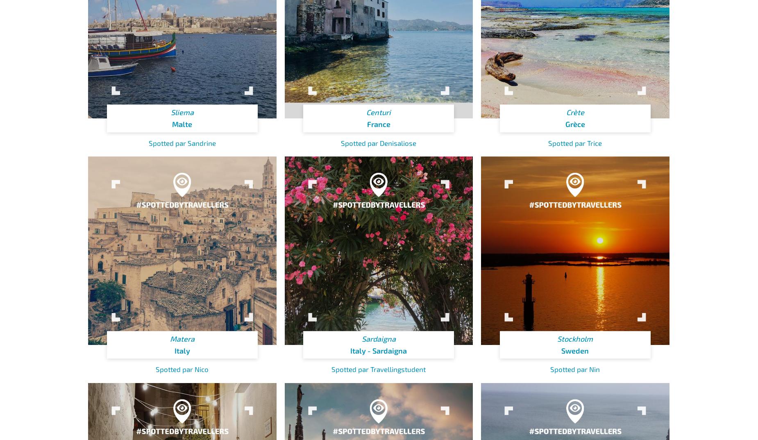 The image size is (758, 440). Describe the element at coordinates (379, 368) in the screenshot. I see `'Spotted par Travellingstudent'` at that location.